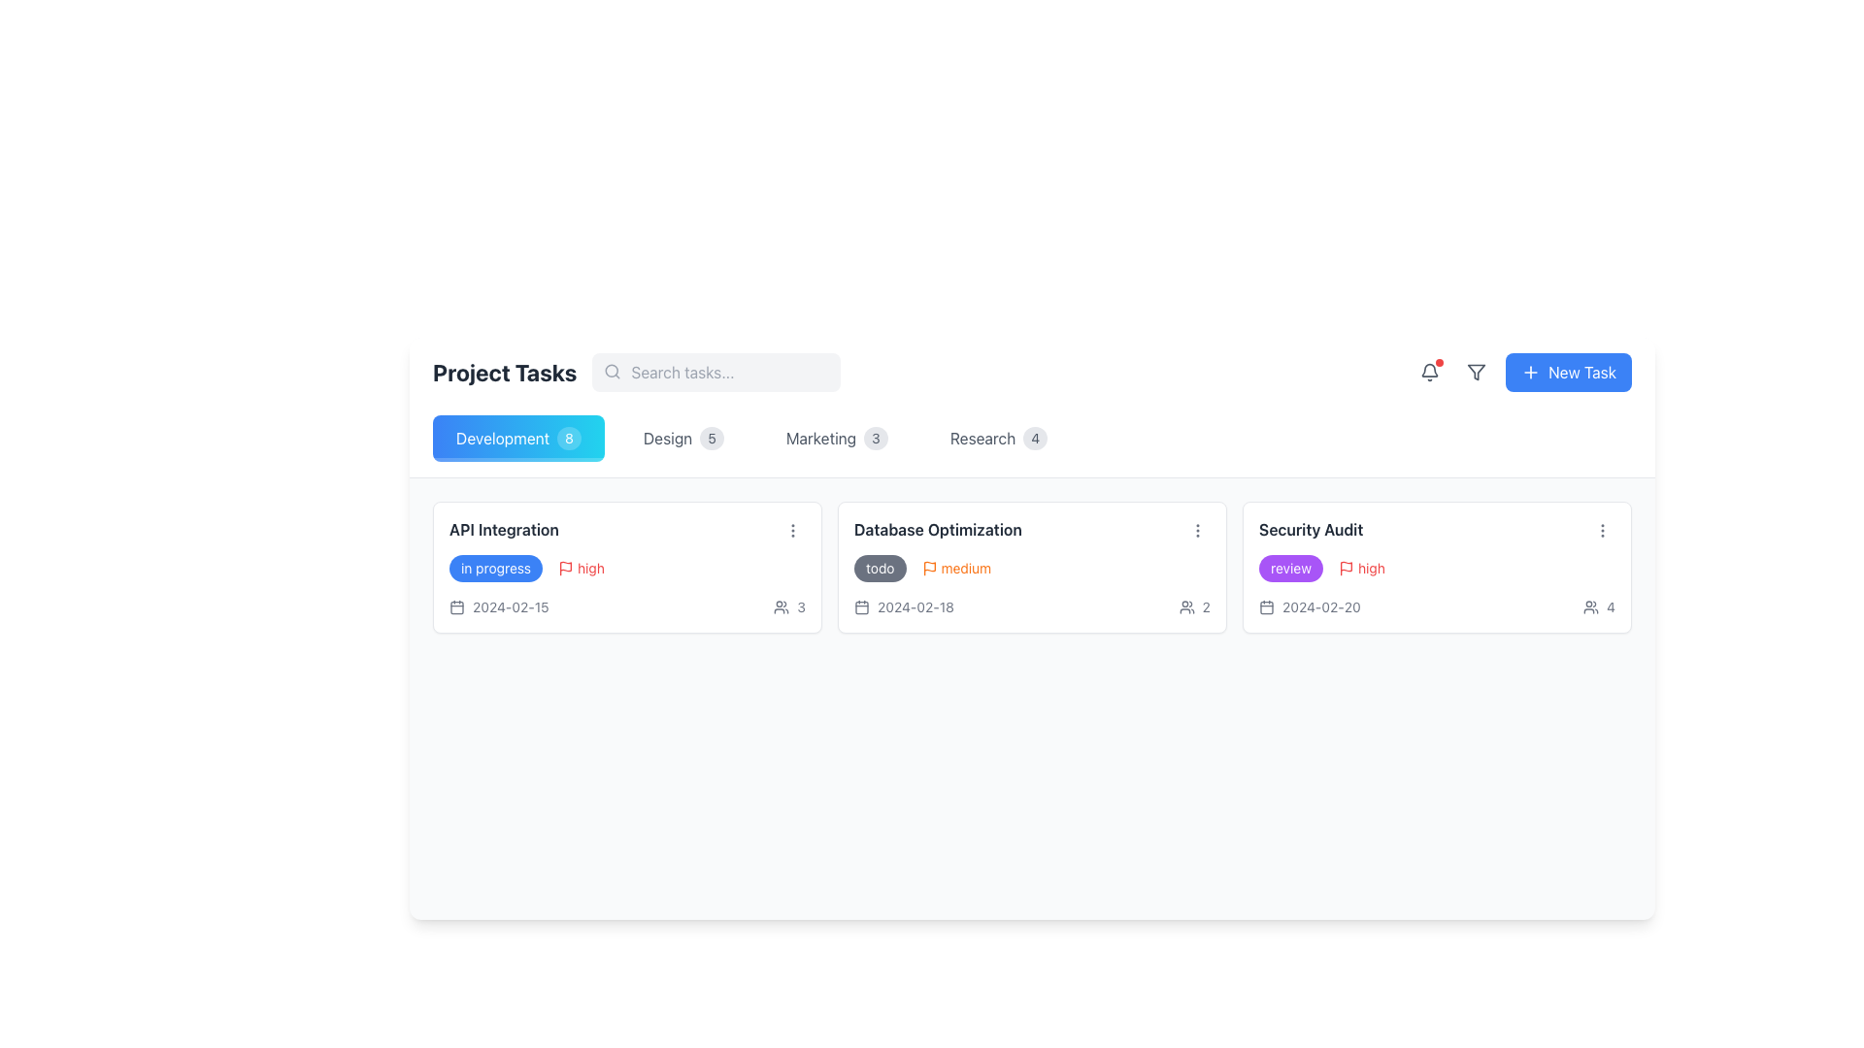  What do you see at coordinates (503, 438) in the screenshot?
I see `the text label displaying 'Development' styled in white font against a blue background` at bounding box center [503, 438].